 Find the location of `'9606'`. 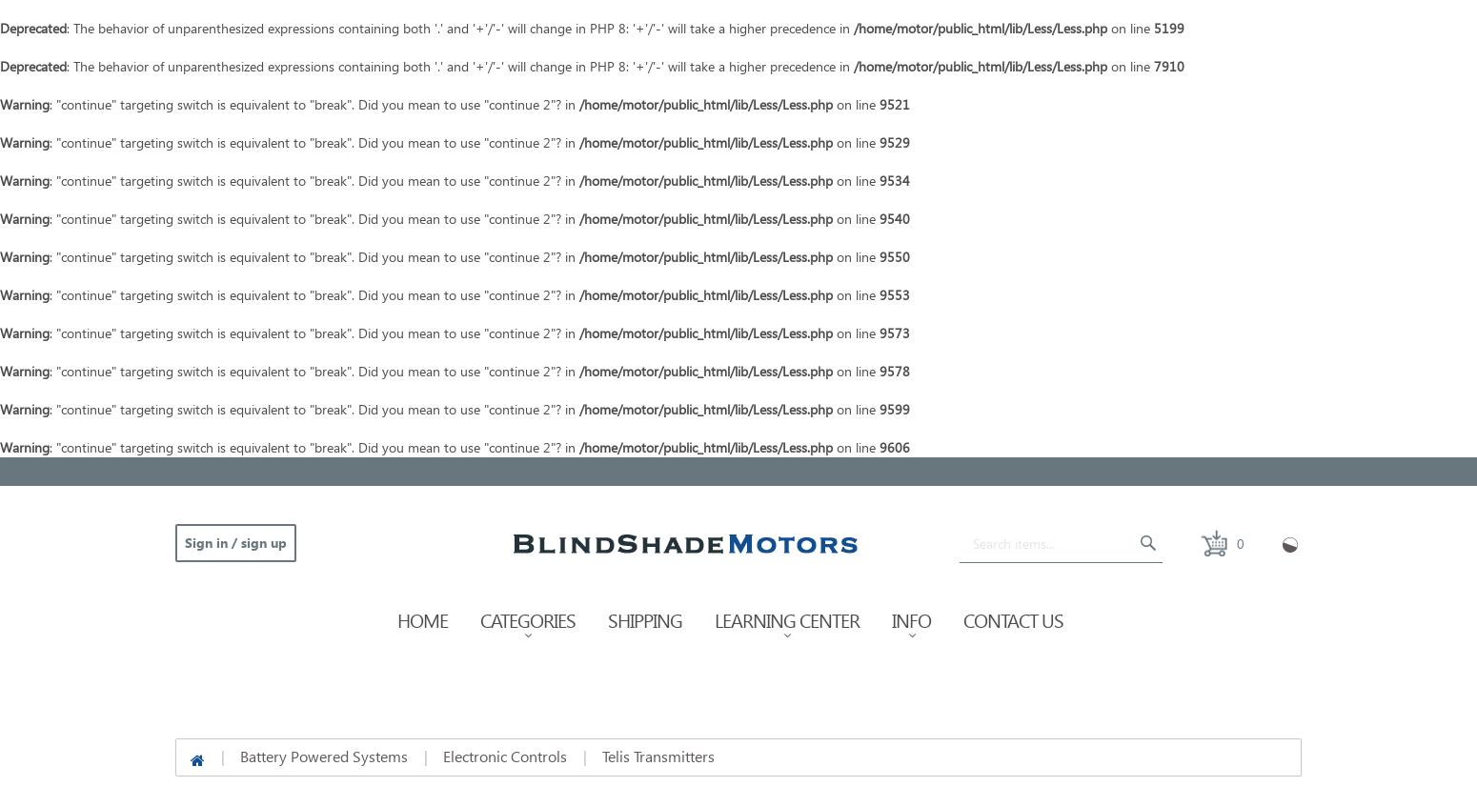

'9606' is located at coordinates (893, 447).